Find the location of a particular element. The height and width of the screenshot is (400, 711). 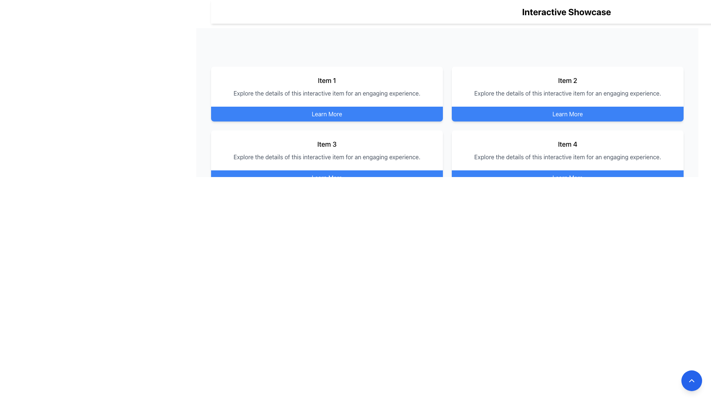

keyboard navigation is located at coordinates (327, 114).